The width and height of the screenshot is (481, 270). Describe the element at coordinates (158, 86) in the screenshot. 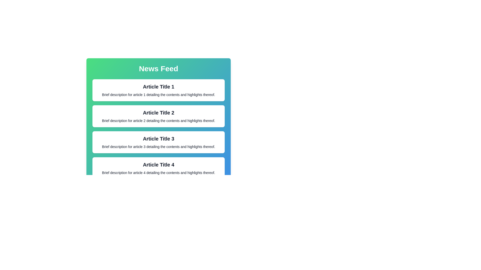

I see `the title text element of the article, which is centrally positioned within the card, above the descriptive text` at that location.